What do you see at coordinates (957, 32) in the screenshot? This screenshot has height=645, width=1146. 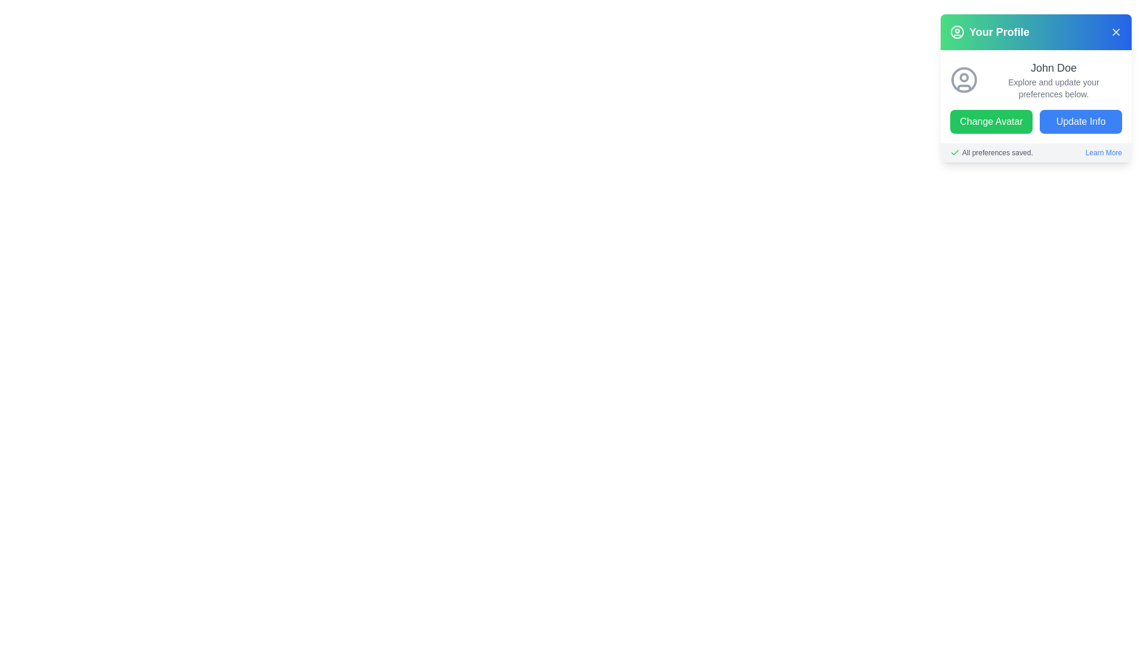 I see `the graphic icon representing the user profile, which is located to the left of the 'Your Profile' text within the header section of the floating profile widget` at bounding box center [957, 32].